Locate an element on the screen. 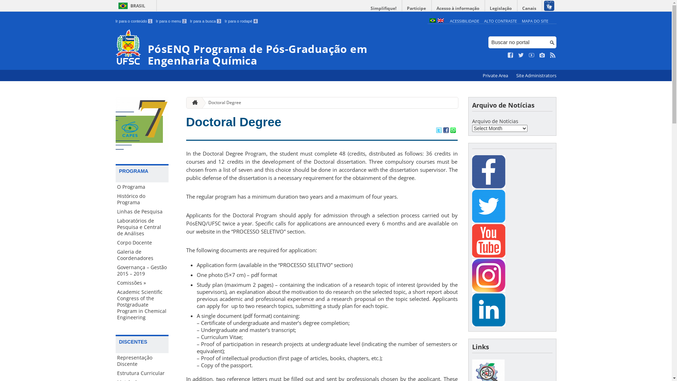 This screenshot has height=381, width=677. 'Canal Youtube' is located at coordinates (488, 255).